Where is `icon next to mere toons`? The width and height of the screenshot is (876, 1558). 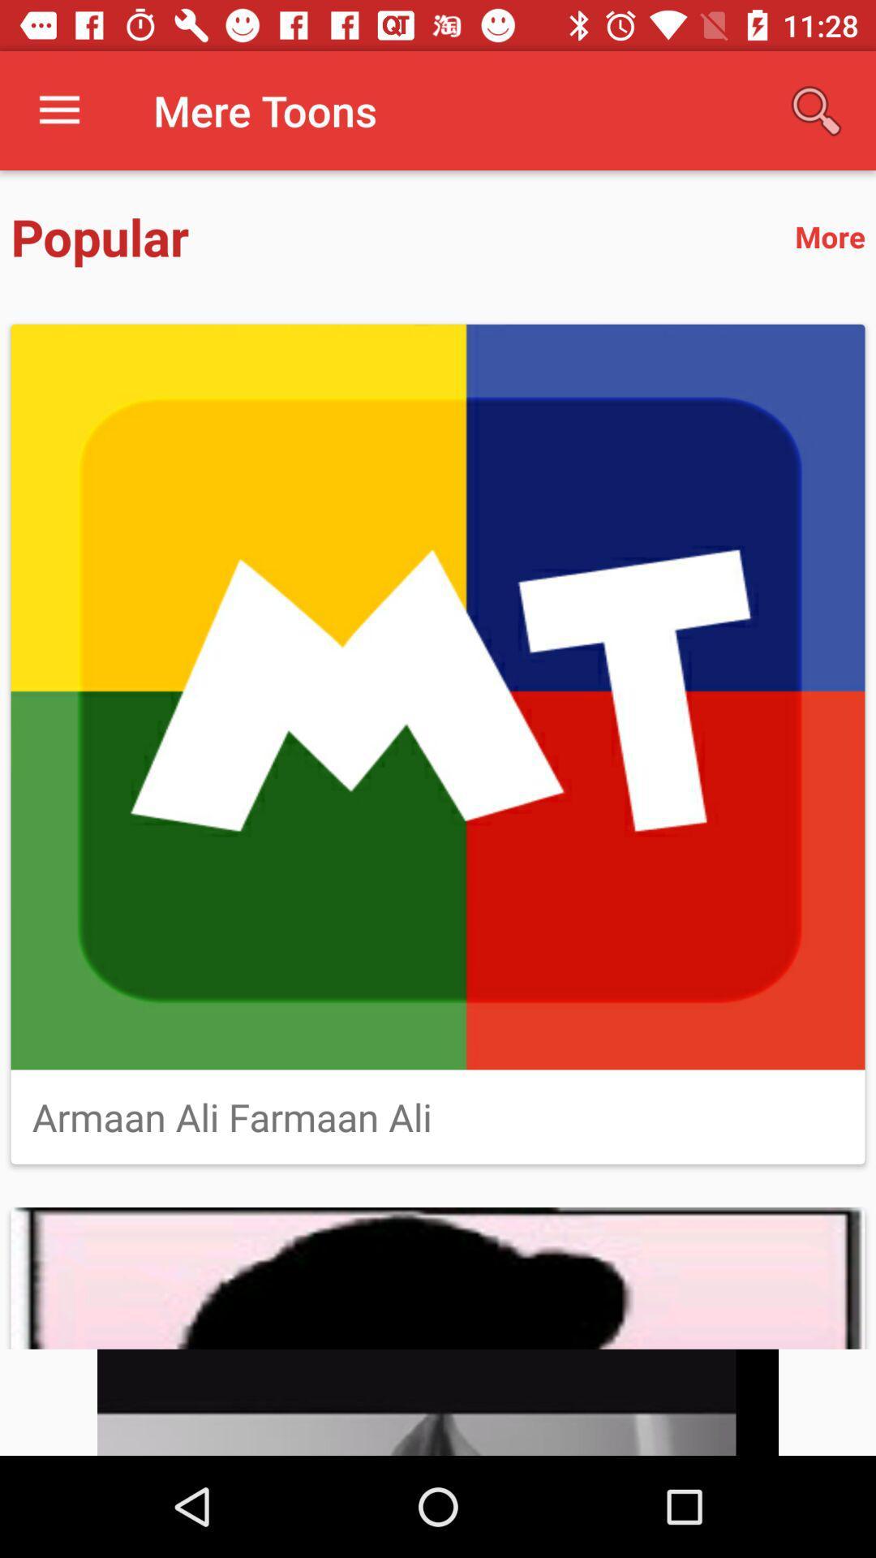
icon next to mere toons is located at coordinates (58, 110).